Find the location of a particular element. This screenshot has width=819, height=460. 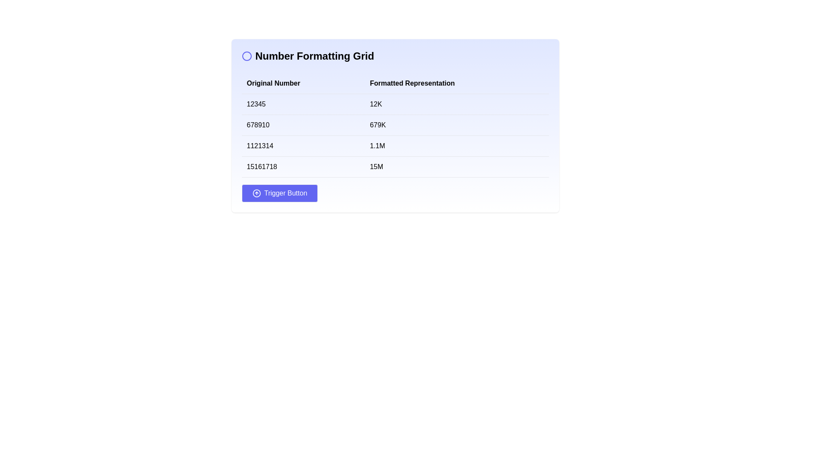

the circular icon containing an upward-pointing arrow, which is located to the left of the 'Trigger Button' text is located at coordinates (256, 193).